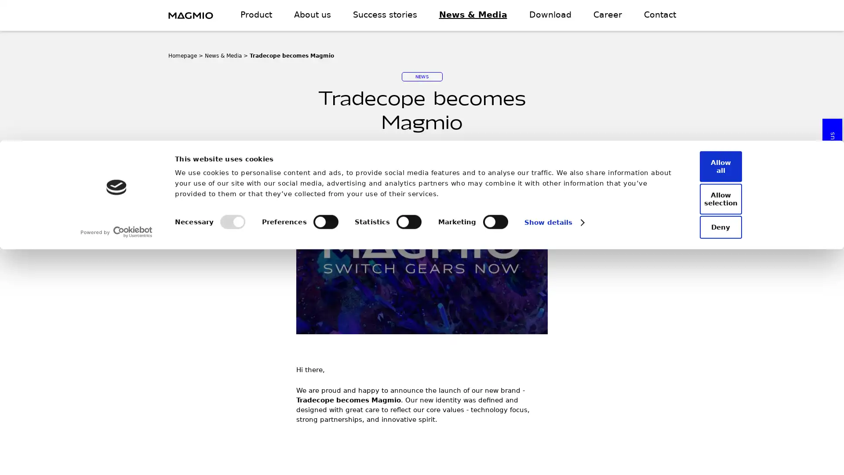  What do you see at coordinates (515, 340) in the screenshot?
I see `Sign up` at bounding box center [515, 340].